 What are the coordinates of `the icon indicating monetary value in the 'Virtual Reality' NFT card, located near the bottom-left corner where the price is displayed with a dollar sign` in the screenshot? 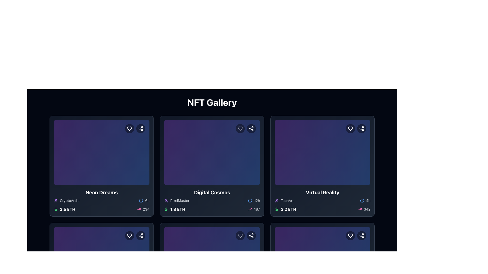 It's located at (276, 209).